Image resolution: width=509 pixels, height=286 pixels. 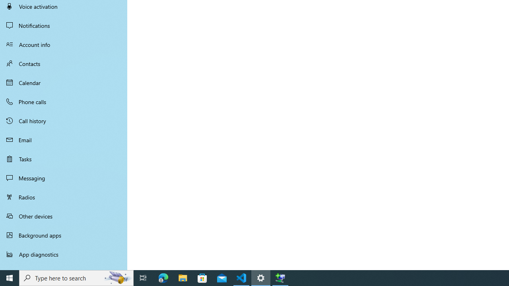 What do you see at coordinates (64, 101) in the screenshot?
I see `'Phone calls'` at bounding box center [64, 101].